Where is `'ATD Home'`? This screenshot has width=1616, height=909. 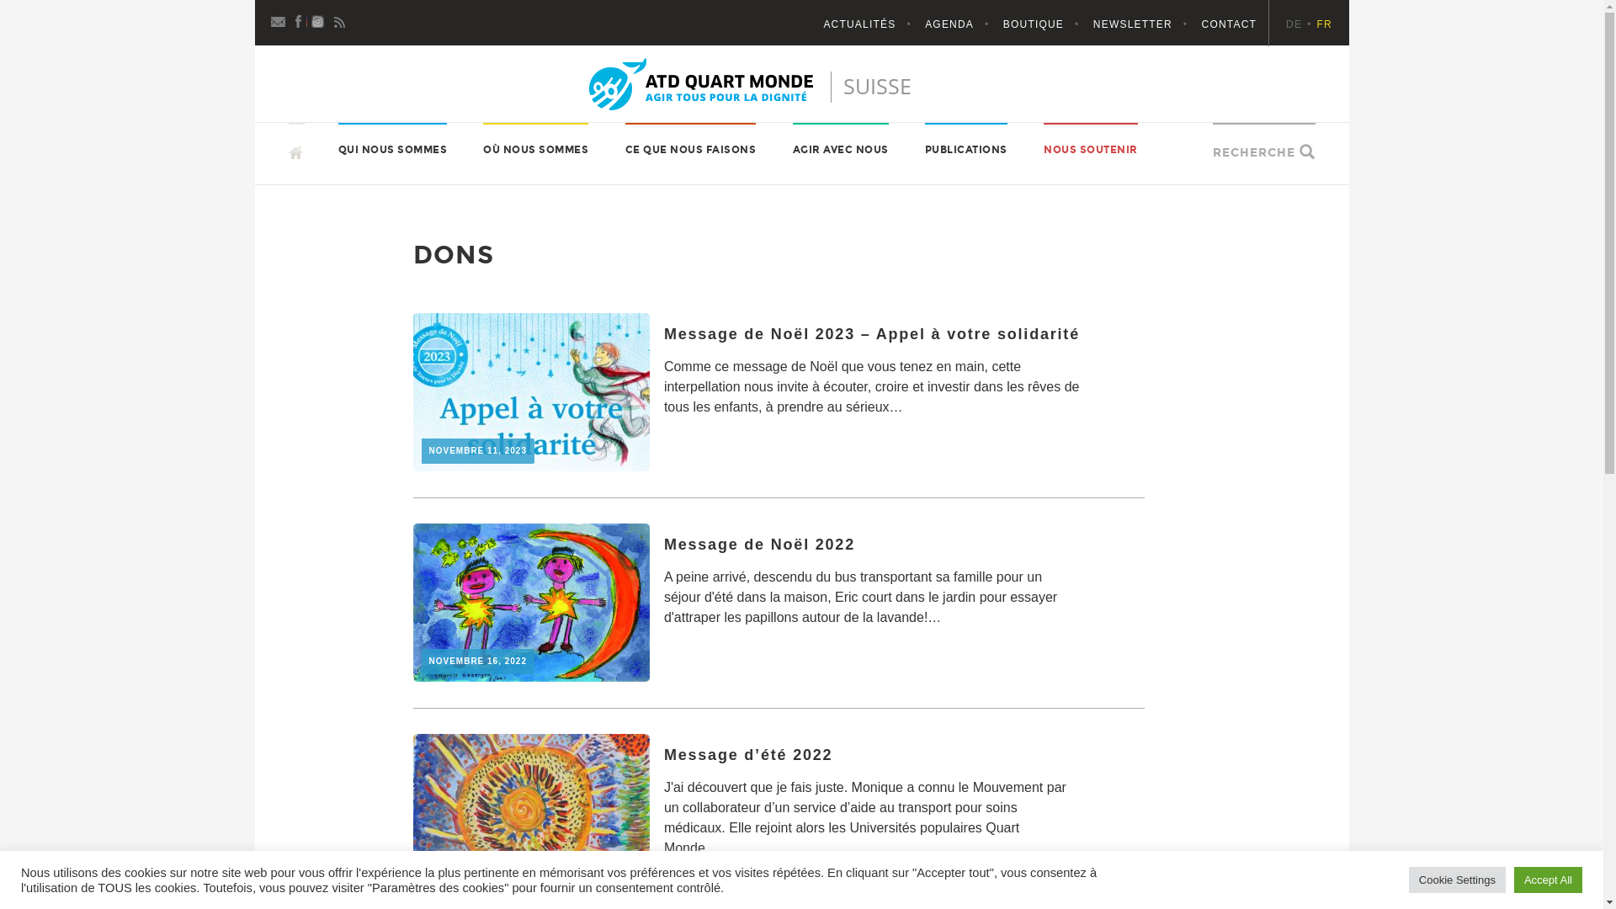
'ATD Home' is located at coordinates (801, 84).